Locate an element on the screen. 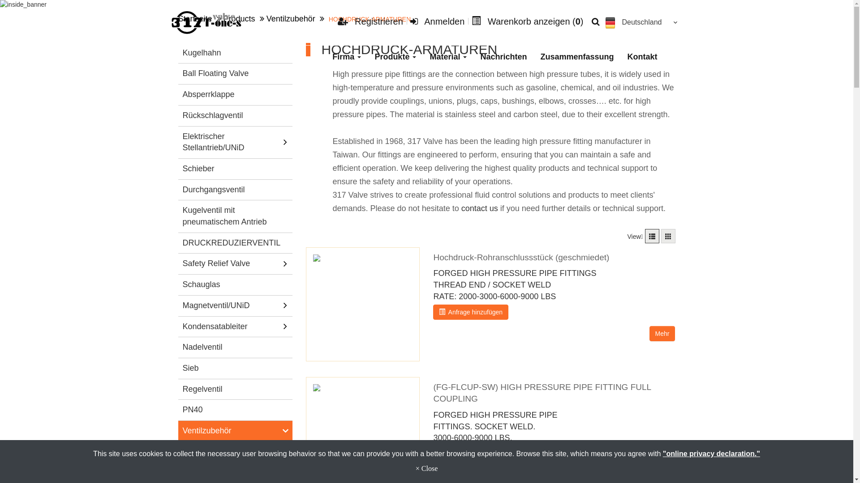  'Schieber' is located at coordinates (235, 169).